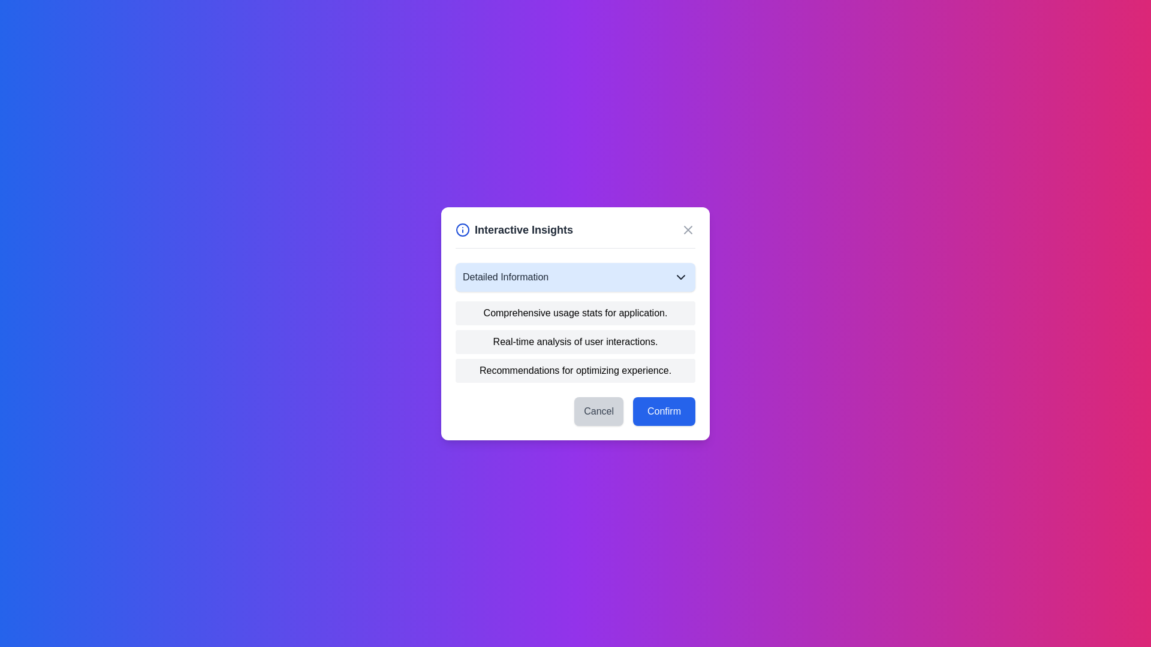 The image size is (1151, 647). Describe the element at coordinates (575, 321) in the screenshot. I see `the Text block in the 'Interactive Insights' modal that displays detailed information, located centrally beneath the title and visual icon section` at that location.